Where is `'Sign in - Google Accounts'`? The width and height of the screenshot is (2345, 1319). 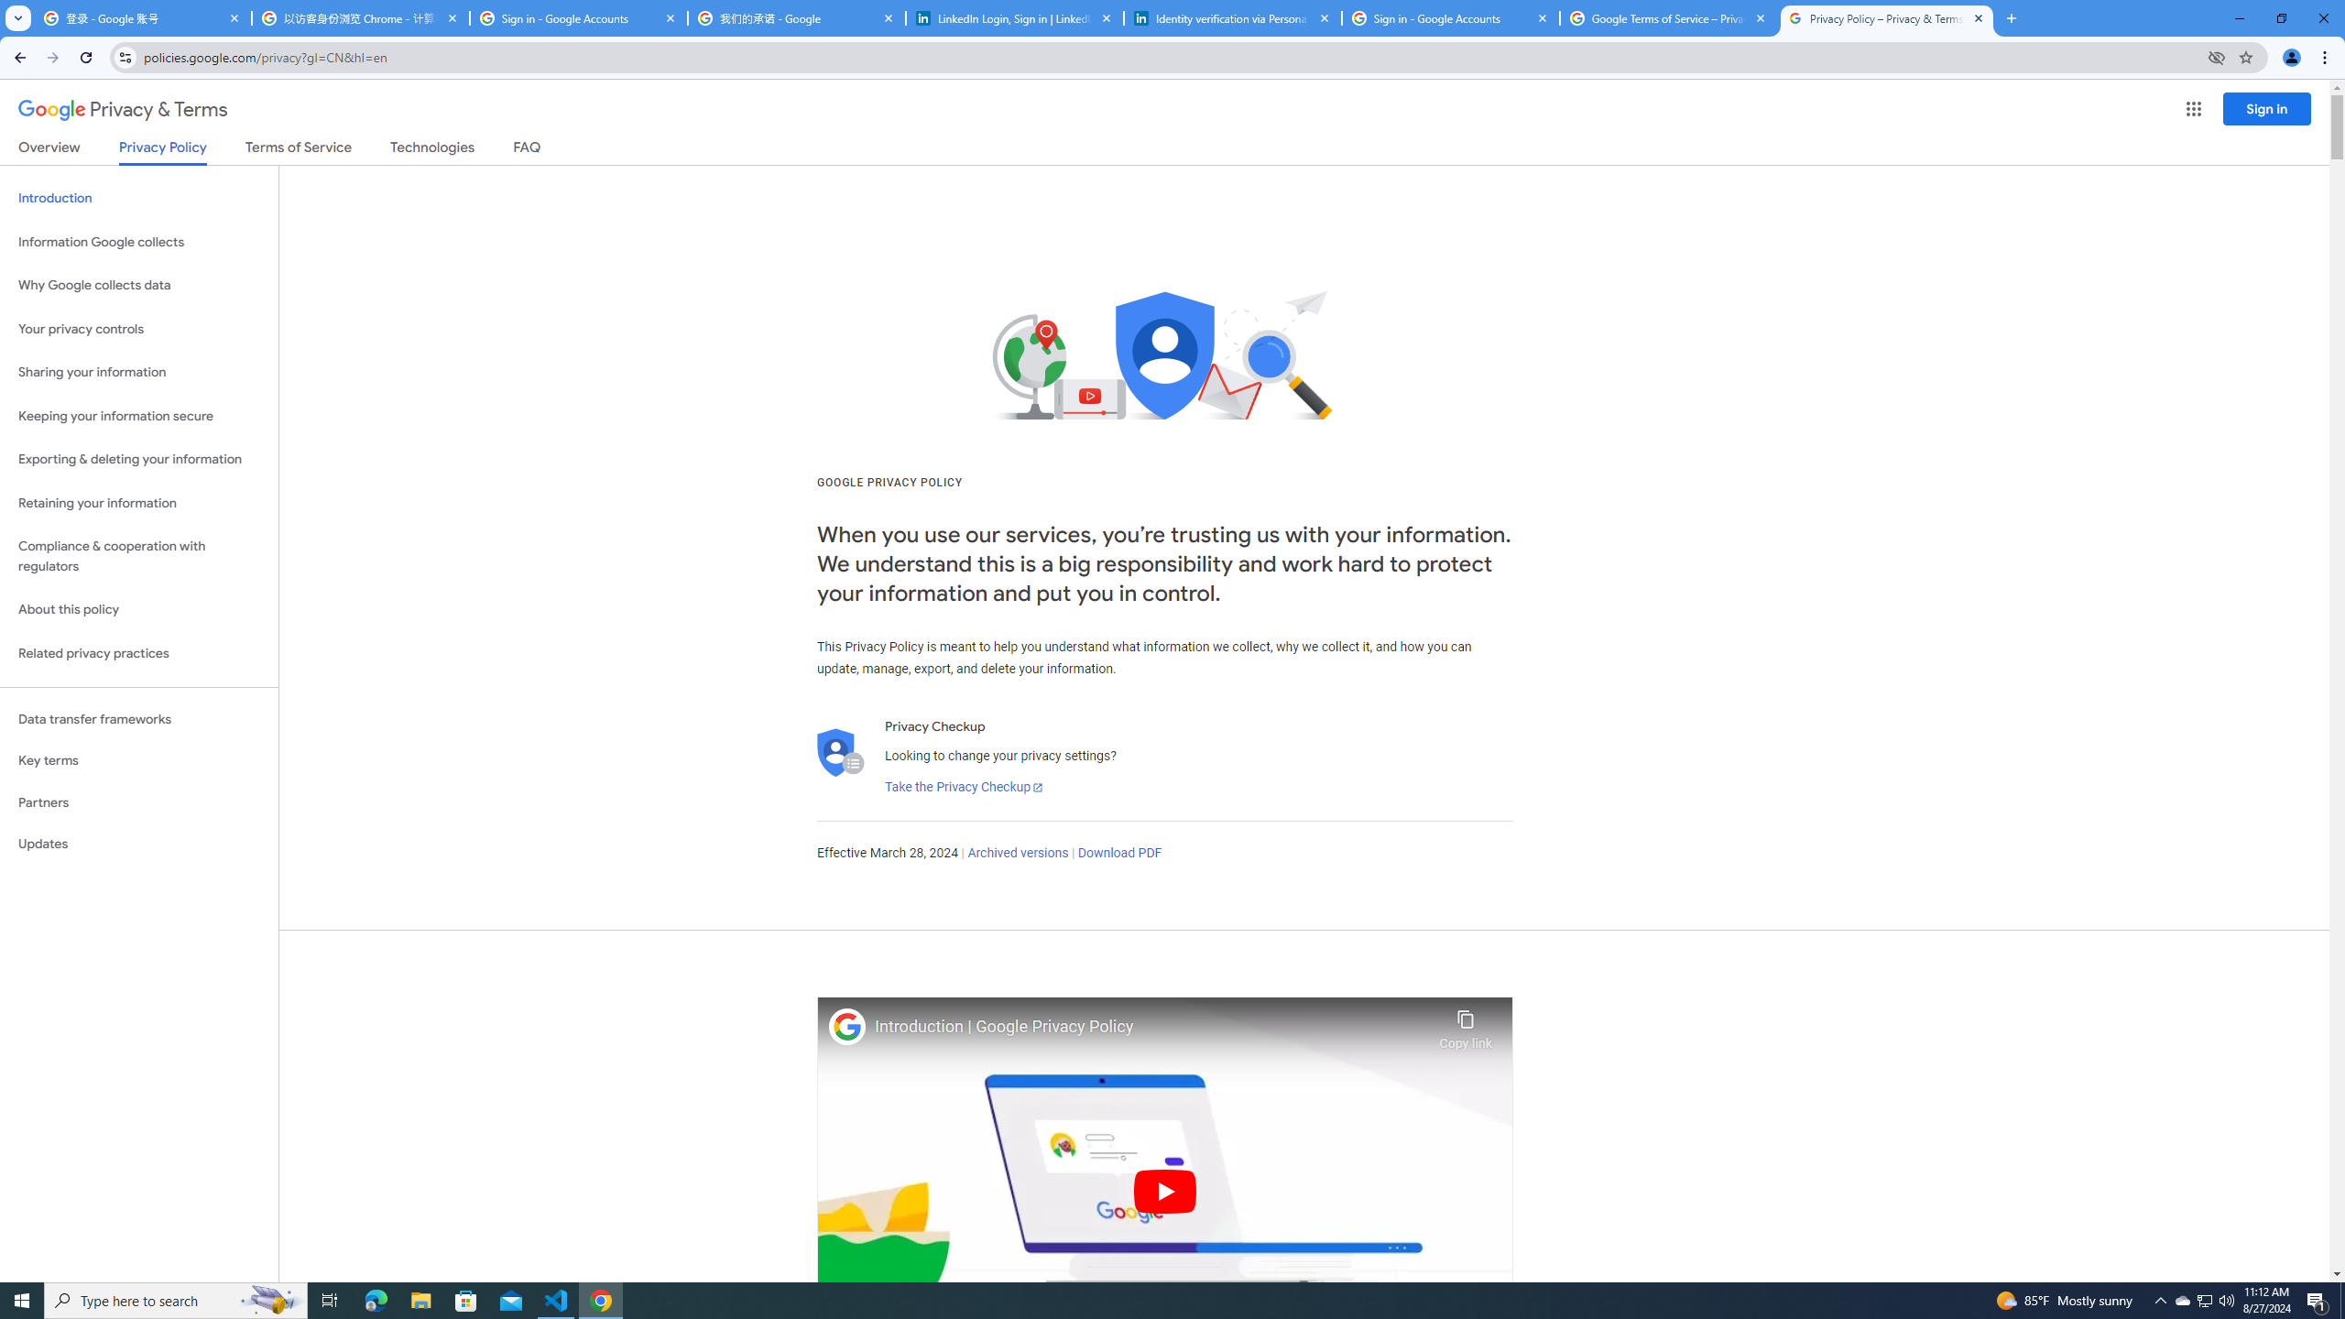
'Sign in - Google Accounts' is located at coordinates (1450, 17).